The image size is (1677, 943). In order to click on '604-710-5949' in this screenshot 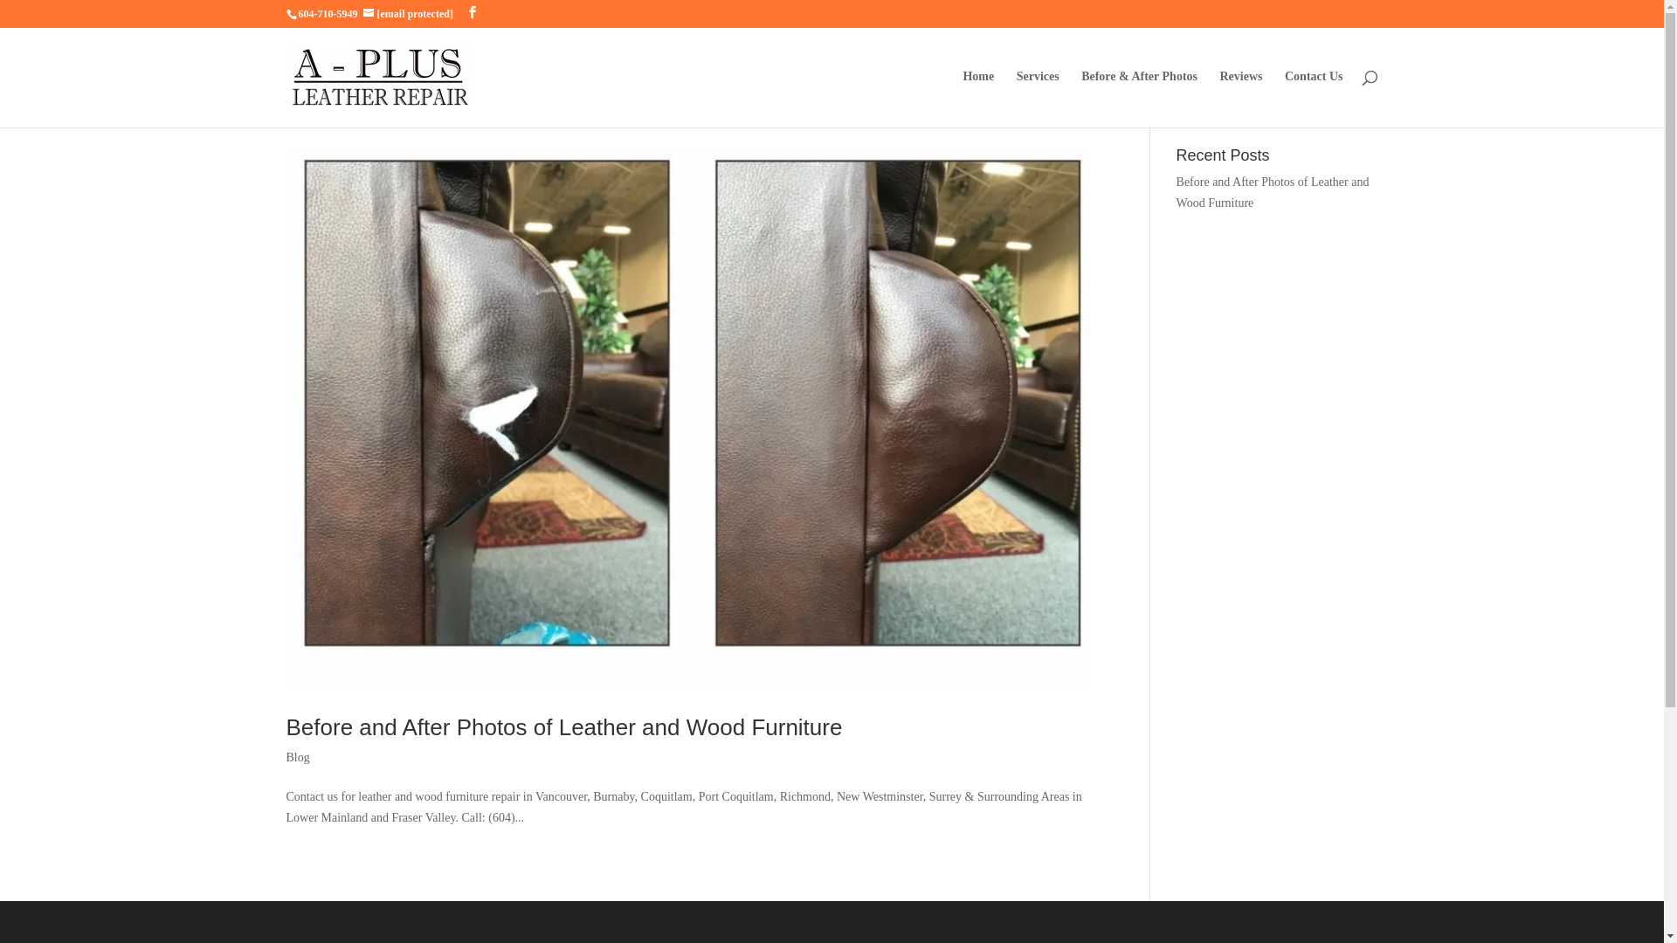, I will do `click(328, 13)`.